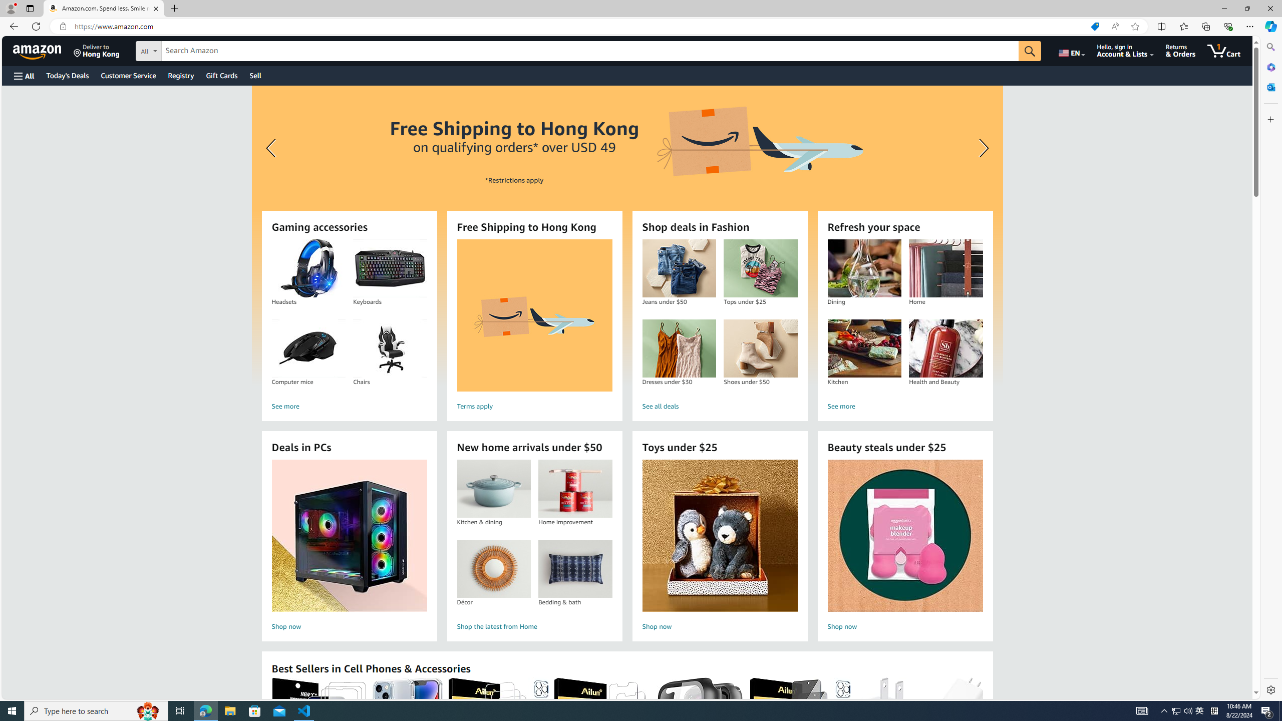 This screenshot has width=1282, height=721. Describe the element at coordinates (390, 348) in the screenshot. I see `'Chairs'` at that location.